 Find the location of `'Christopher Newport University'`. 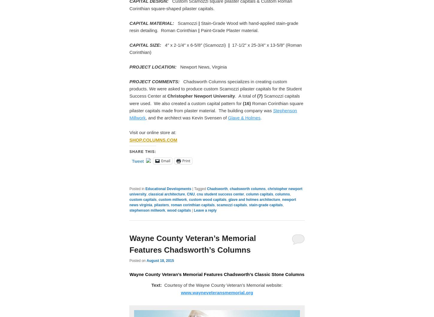

'Christopher Newport University' is located at coordinates (201, 95).